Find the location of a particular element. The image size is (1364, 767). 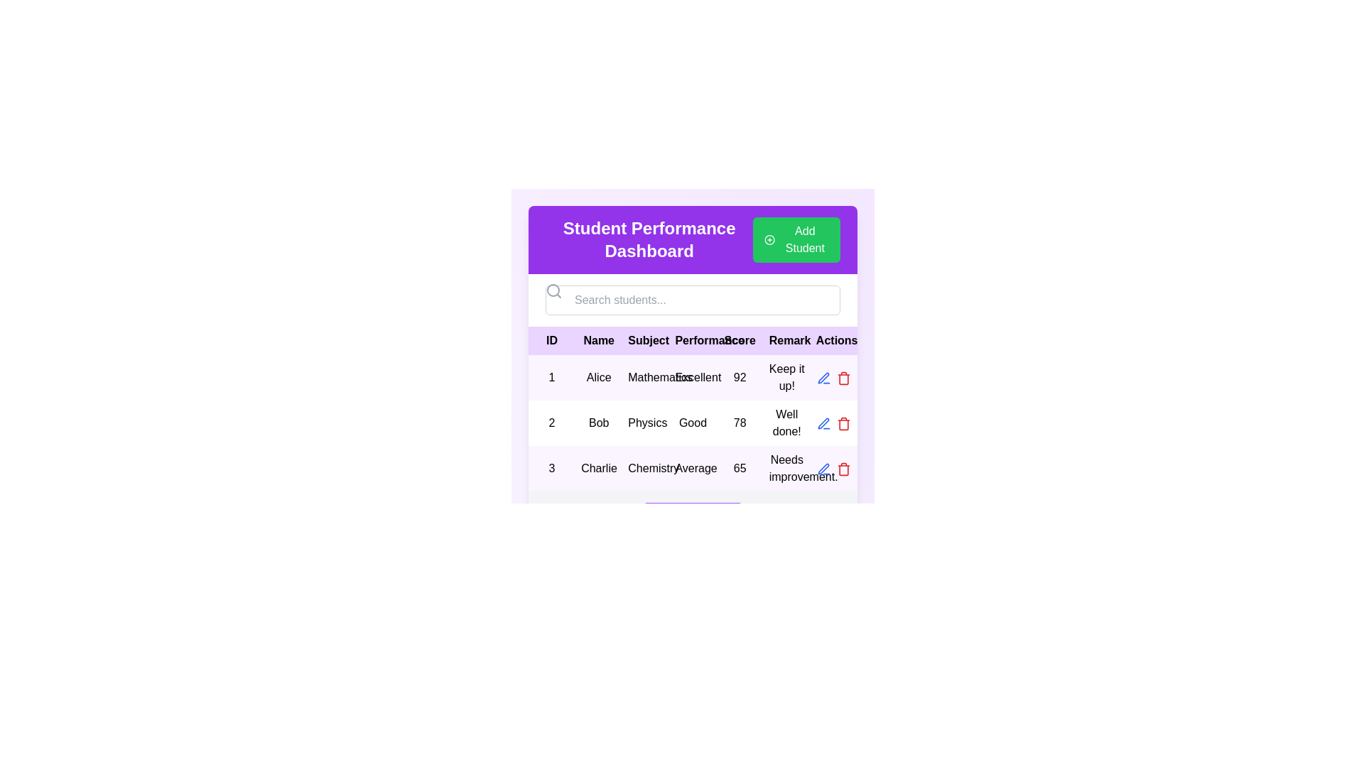

the static text element displaying 'Excellent' in the Performance column for the student 'Alice' in the Mathematics row is located at coordinates (693, 377).